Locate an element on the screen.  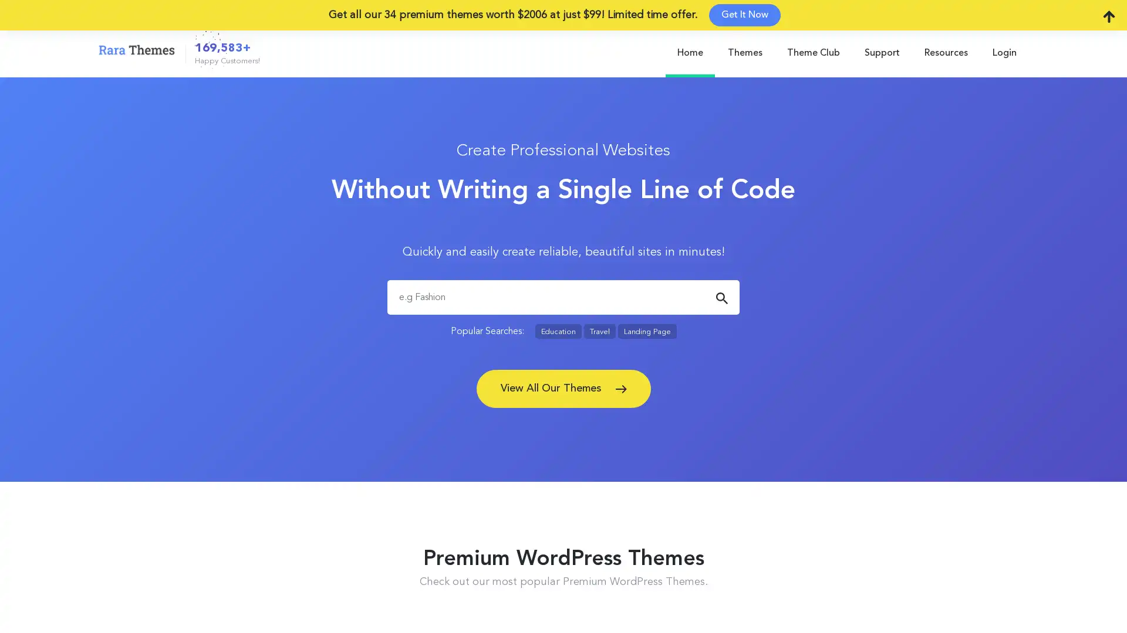
Search is located at coordinates (721, 298).